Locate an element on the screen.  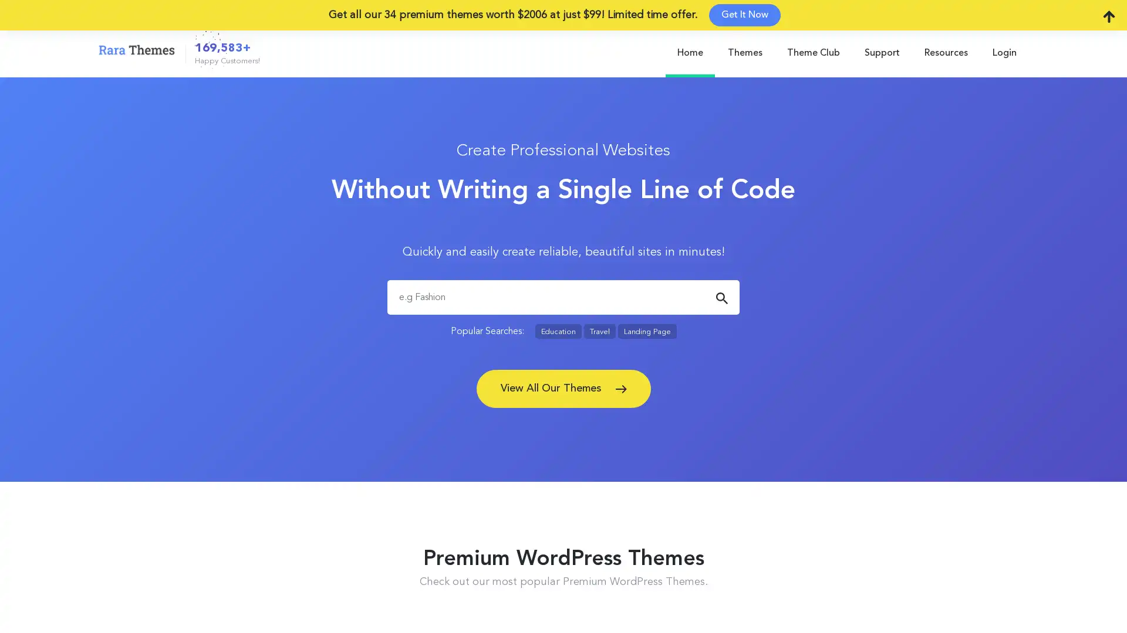
Search is located at coordinates (721, 298).